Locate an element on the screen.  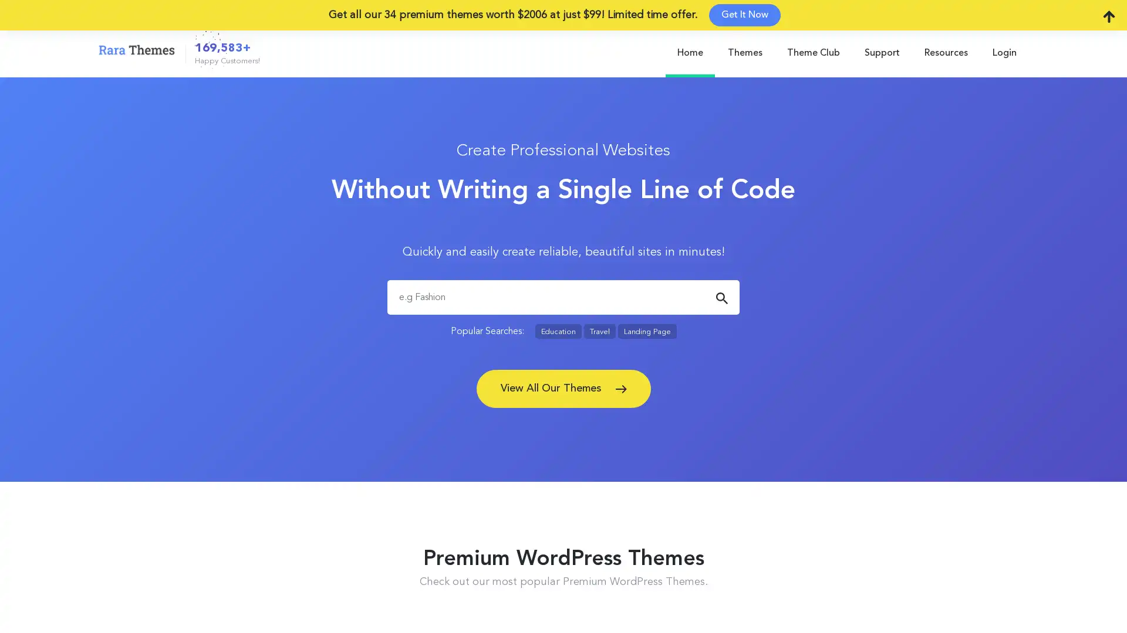
Search is located at coordinates (721, 298).